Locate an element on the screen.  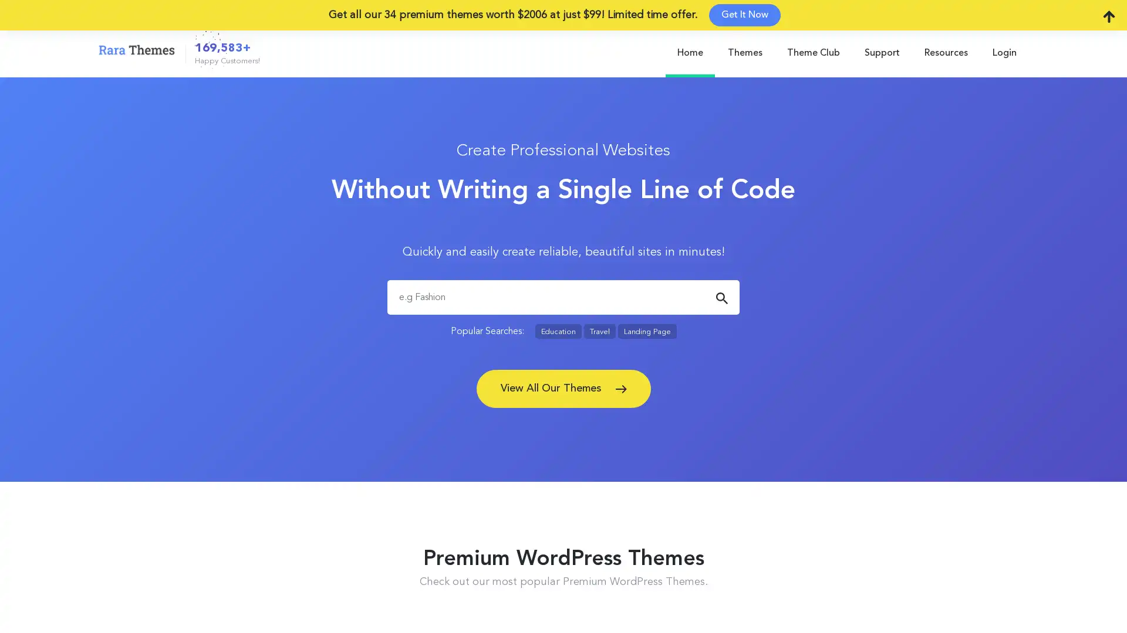
Search is located at coordinates (721, 298).